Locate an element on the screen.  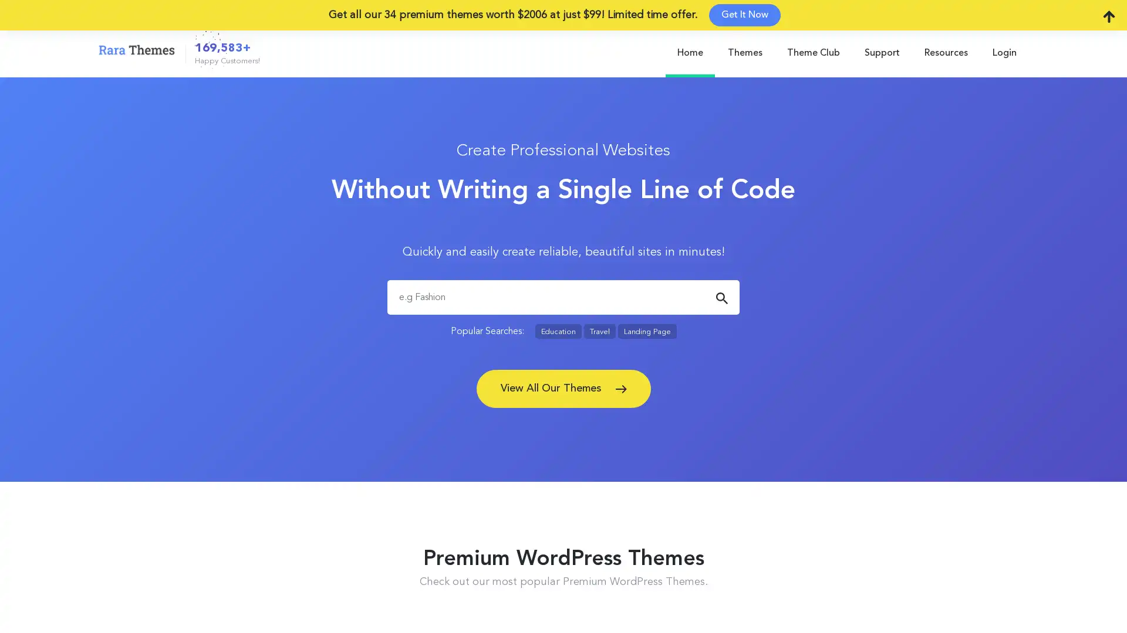
Search is located at coordinates (721, 298).